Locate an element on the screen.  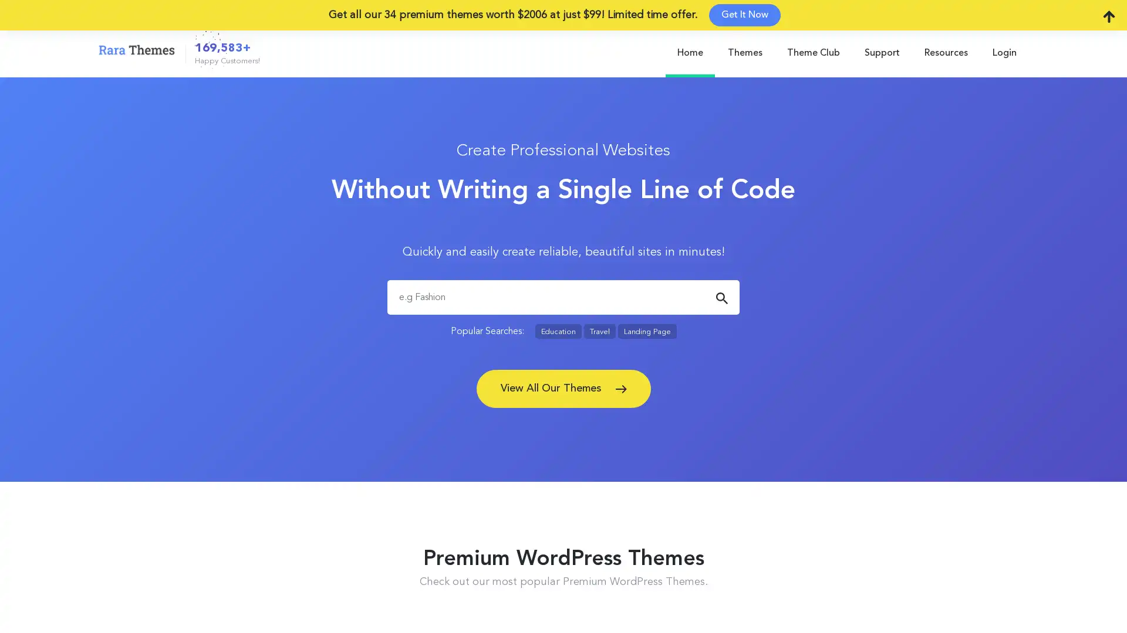
Search is located at coordinates (721, 298).